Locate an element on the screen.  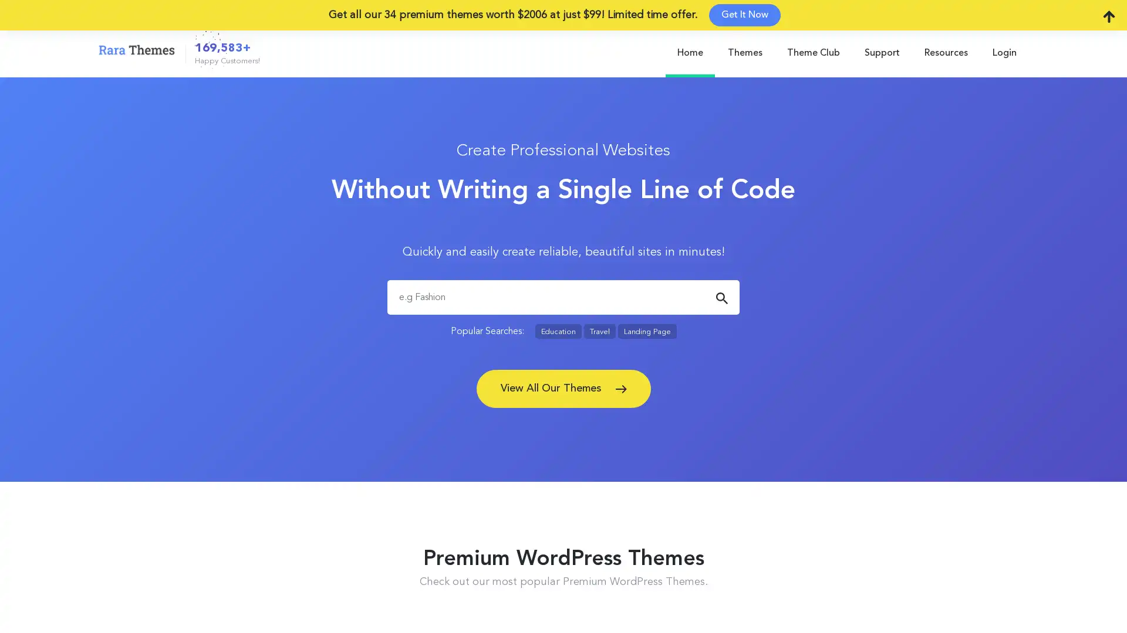
Search is located at coordinates (721, 298).